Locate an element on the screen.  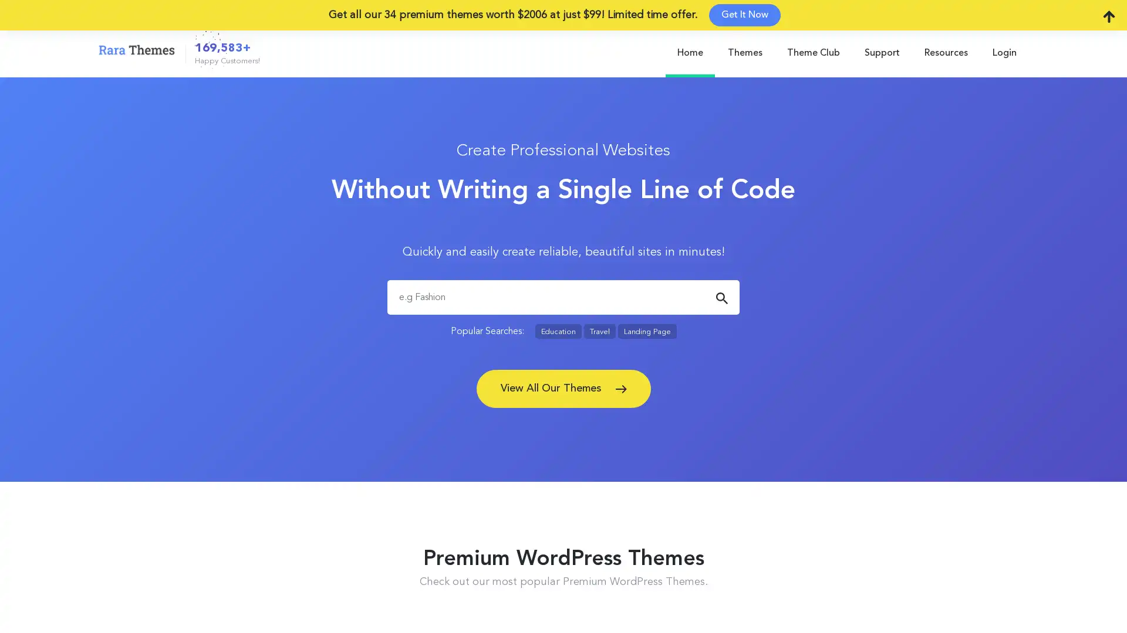
Search is located at coordinates (721, 298).